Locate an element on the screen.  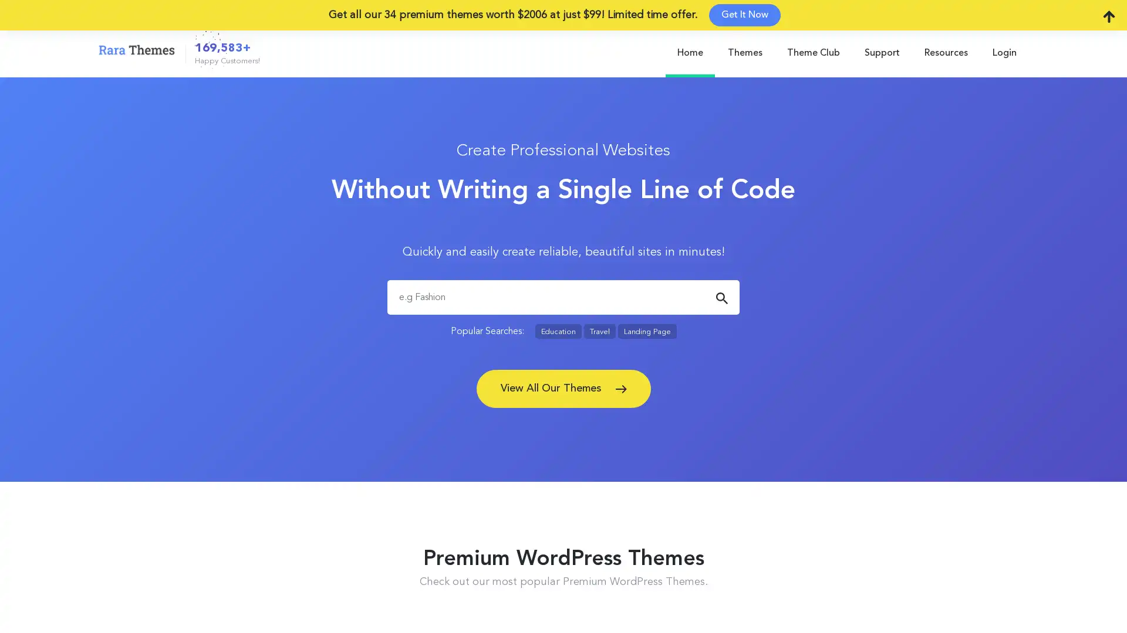
Search is located at coordinates (721, 298).